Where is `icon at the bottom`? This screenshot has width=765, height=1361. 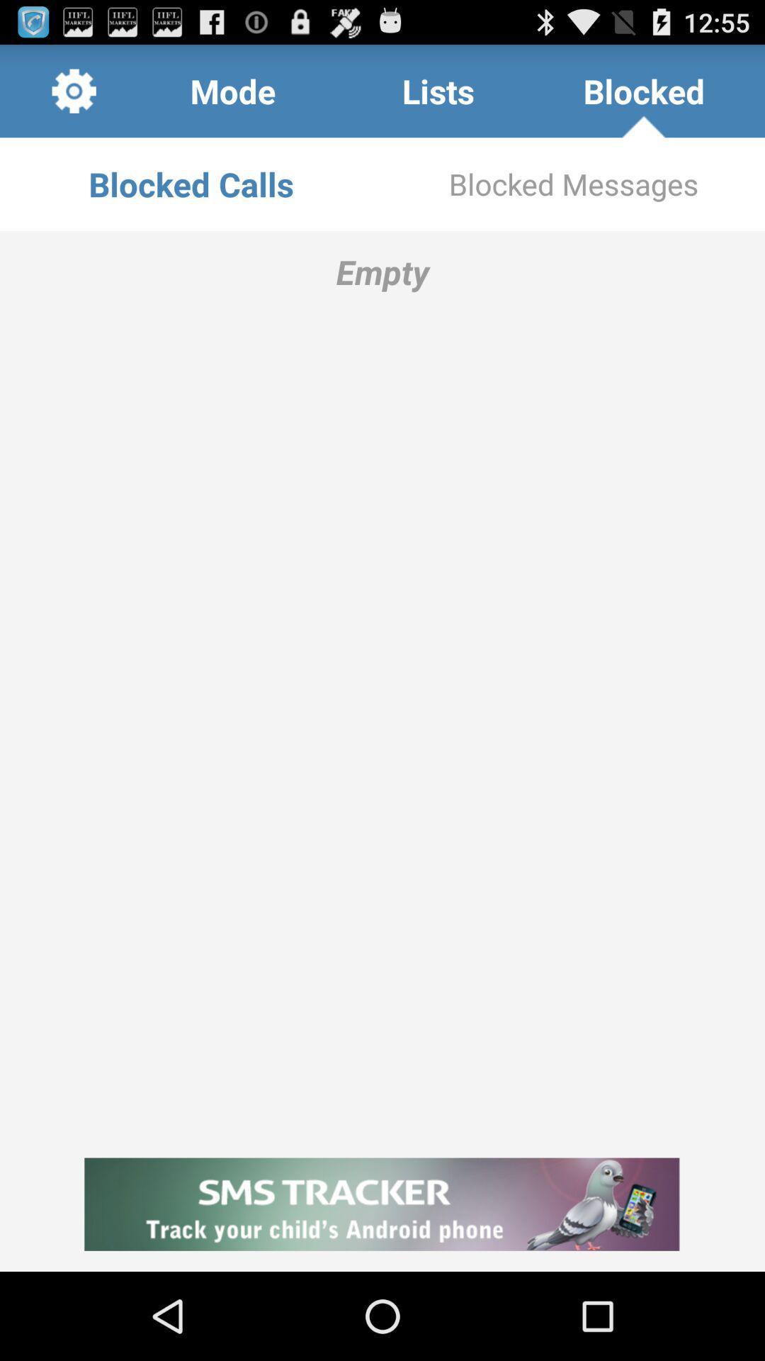
icon at the bottom is located at coordinates (382, 1204).